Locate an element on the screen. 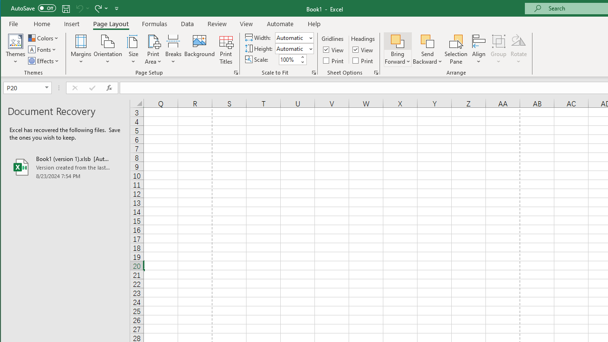 The height and width of the screenshot is (342, 608). 'Orientation' is located at coordinates (108, 49).